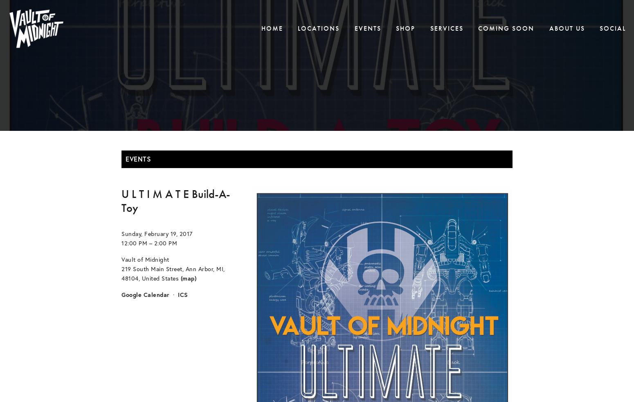 This screenshot has height=402, width=634. I want to click on 'ICS', so click(183, 294).